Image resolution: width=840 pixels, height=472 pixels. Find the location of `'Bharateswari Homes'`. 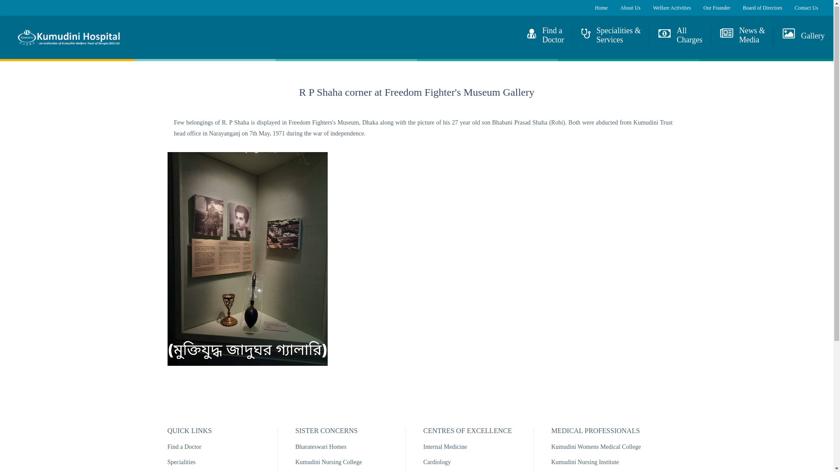

'Bharateswari Homes' is located at coordinates (320, 447).